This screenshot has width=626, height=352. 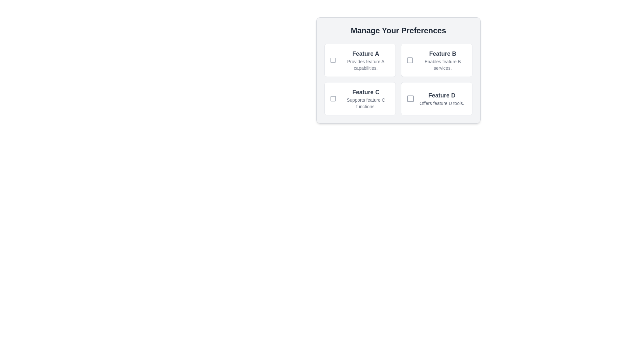 What do you see at coordinates (365, 53) in the screenshot?
I see `the Text Label that serves as the title for 'Feature A capabilities' in the 'Manage Your Preferences' panel, located in the top-left quadrant` at bounding box center [365, 53].